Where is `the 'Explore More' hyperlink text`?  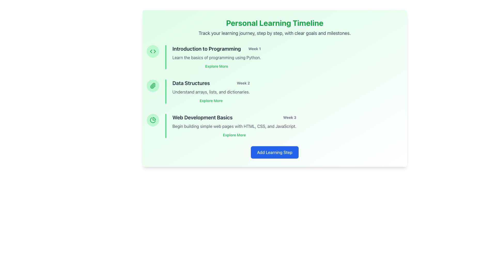 the 'Explore More' hyperlink text is located at coordinates (234, 135).